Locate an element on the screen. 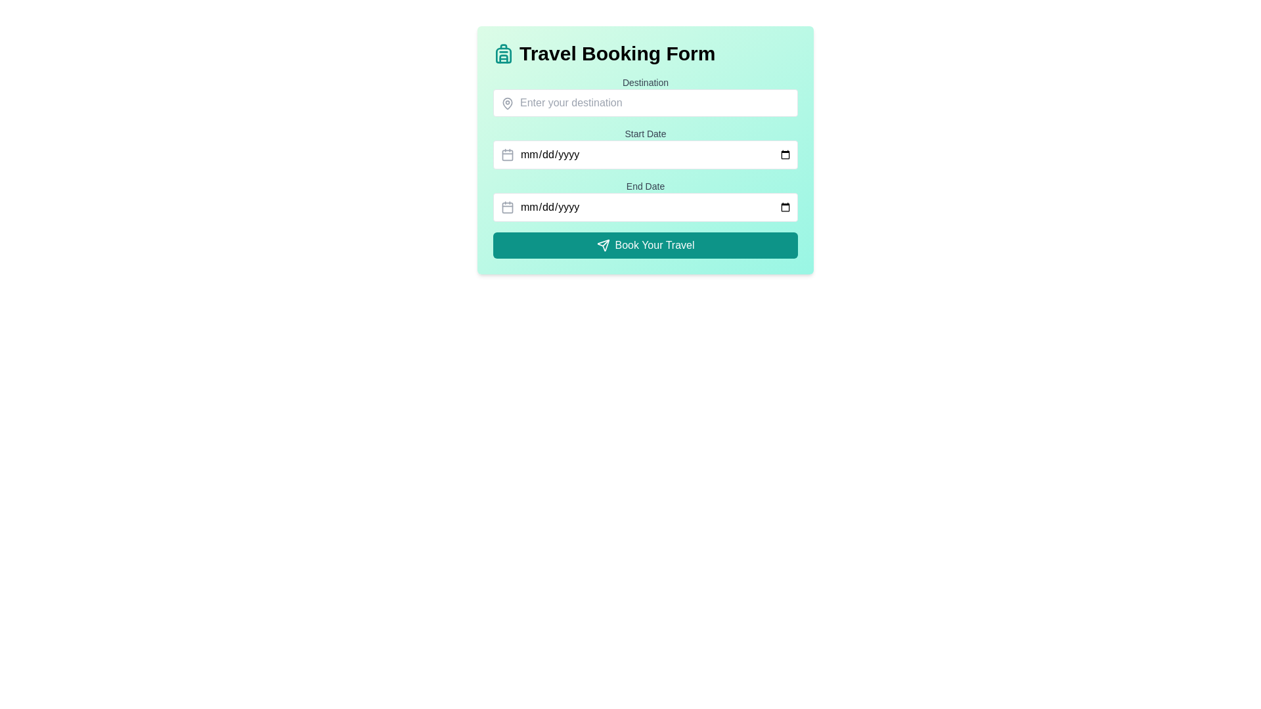 Image resolution: width=1261 pixels, height=709 pixels. the pin icon located inside the input field labeled 'Destination', which is positioned above the 'Start Date' field is located at coordinates (506, 103).